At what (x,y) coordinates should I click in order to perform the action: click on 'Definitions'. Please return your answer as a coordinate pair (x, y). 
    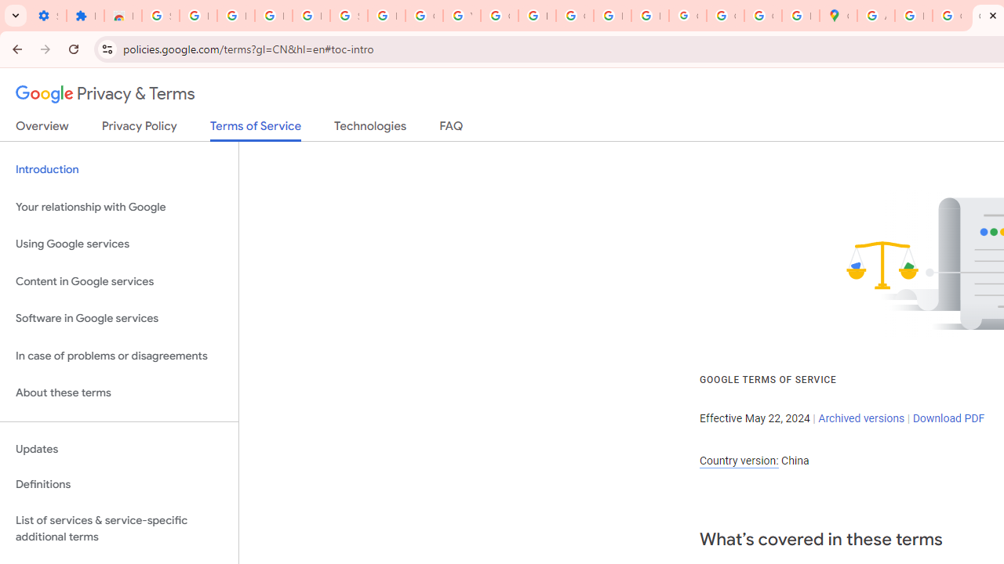
    Looking at the image, I should click on (118, 484).